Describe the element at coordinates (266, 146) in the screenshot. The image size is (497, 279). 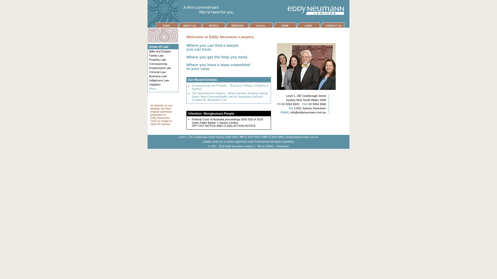
I see `'EWide'` at that location.